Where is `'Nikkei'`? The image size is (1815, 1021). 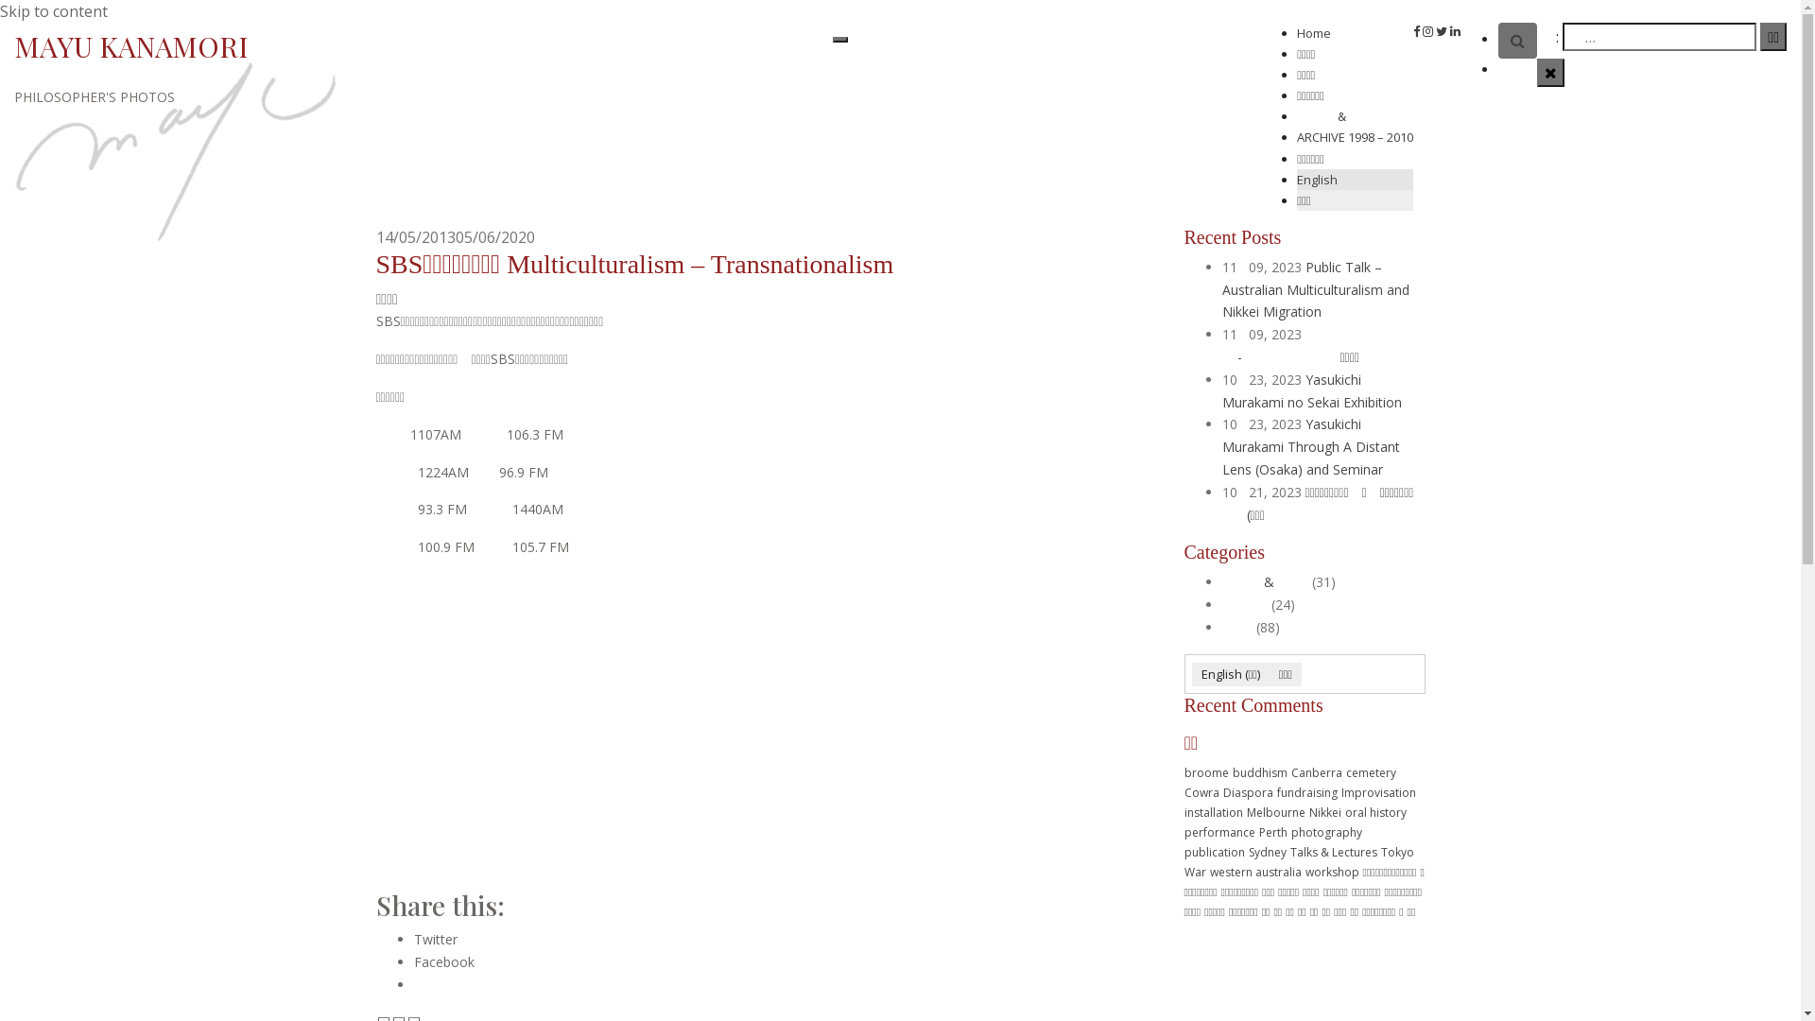 'Nikkei' is located at coordinates (1323, 811).